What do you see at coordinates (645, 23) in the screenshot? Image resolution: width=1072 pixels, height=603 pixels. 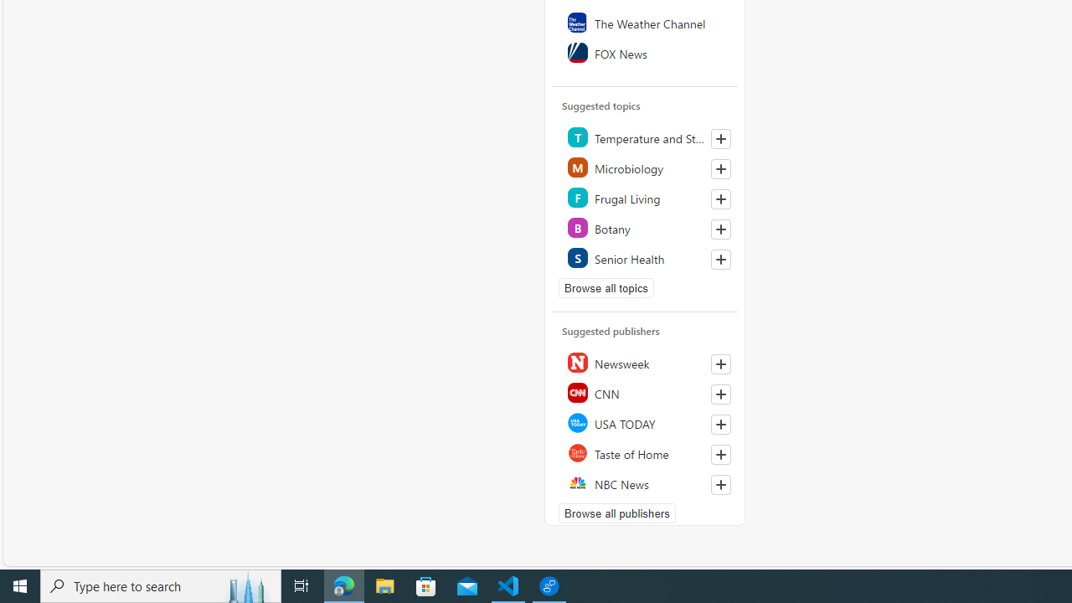 I see `'The Weather Channel'` at bounding box center [645, 23].